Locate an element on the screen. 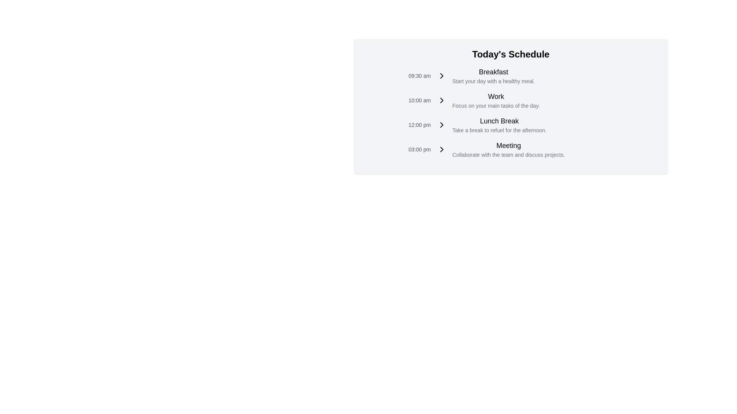 This screenshot has width=737, height=414. the right-facing chevron icon located to the left of the 'Work' list item at 10:00 am is located at coordinates (441, 100).